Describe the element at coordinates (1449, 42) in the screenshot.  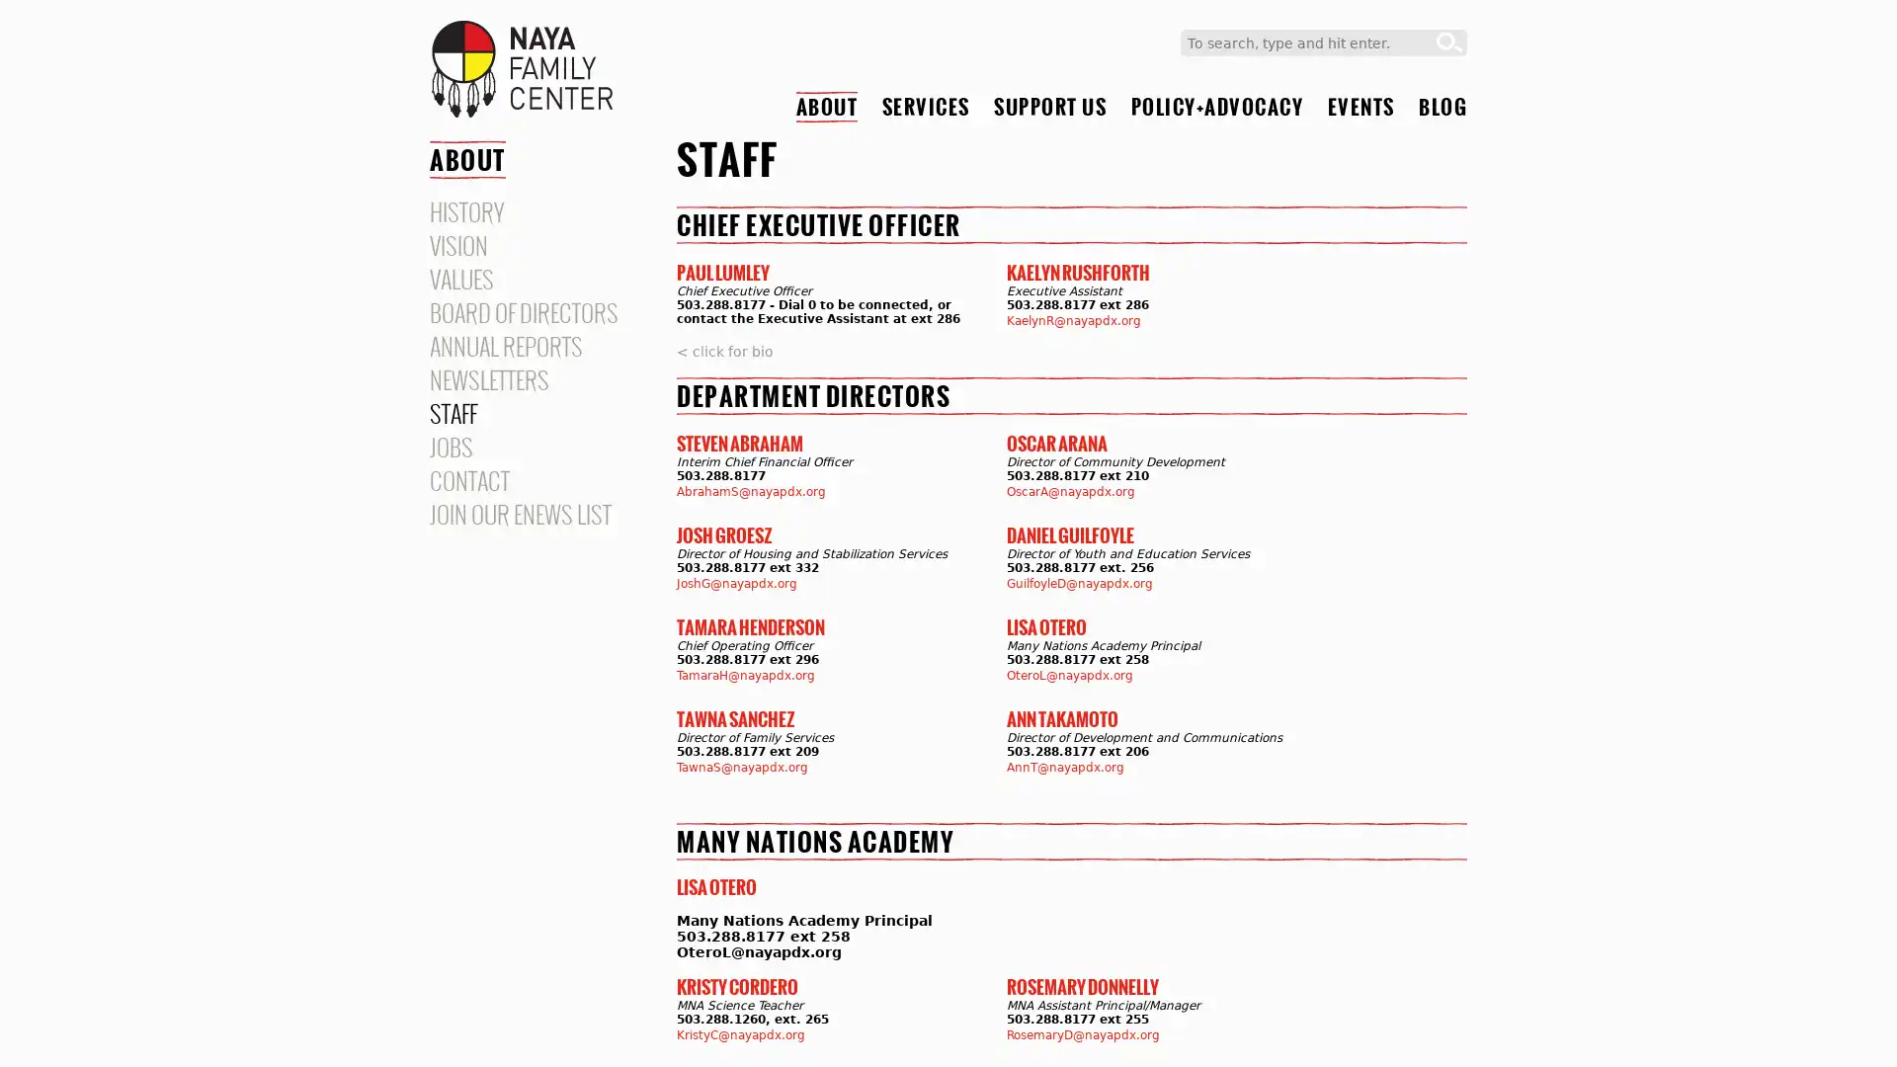
I see `Search` at that location.